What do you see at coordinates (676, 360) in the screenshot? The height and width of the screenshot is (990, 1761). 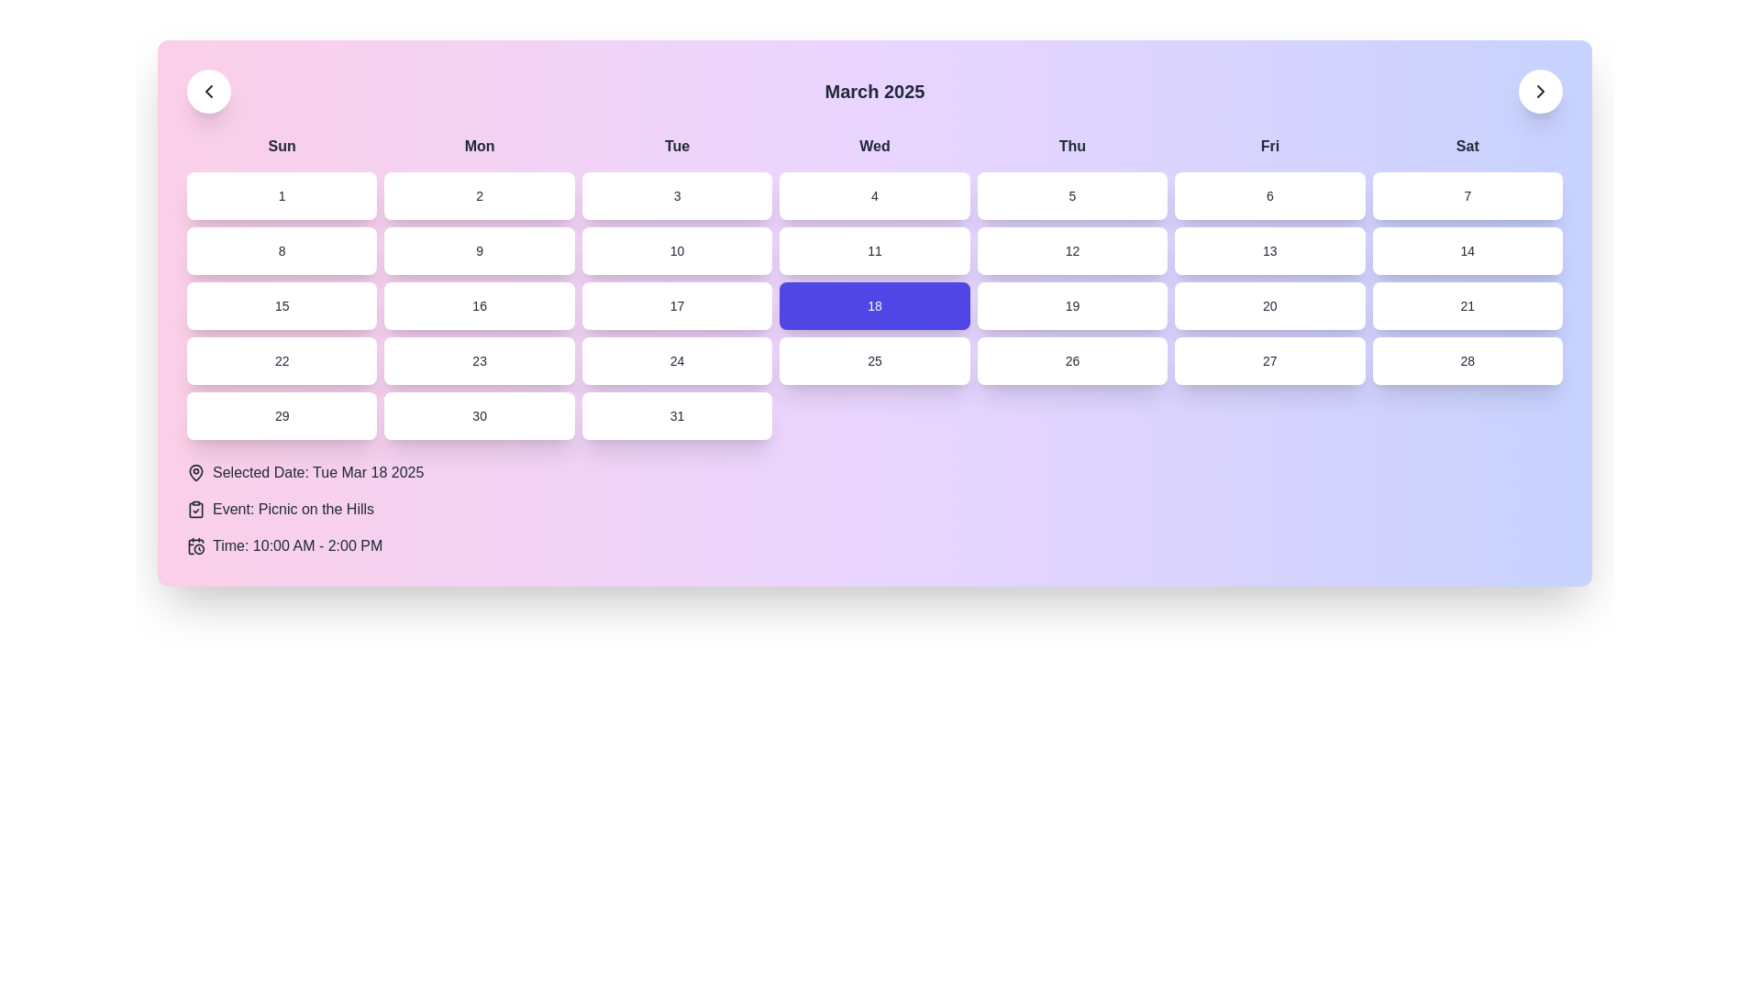 I see `the interactive calendar date button displaying '24'` at bounding box center [676, 360].